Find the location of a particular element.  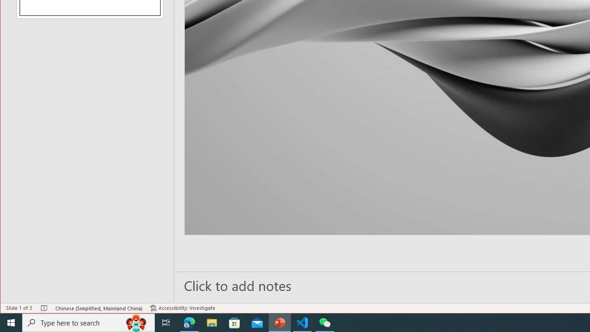

'Task View' is located at coordinates (165, 322).